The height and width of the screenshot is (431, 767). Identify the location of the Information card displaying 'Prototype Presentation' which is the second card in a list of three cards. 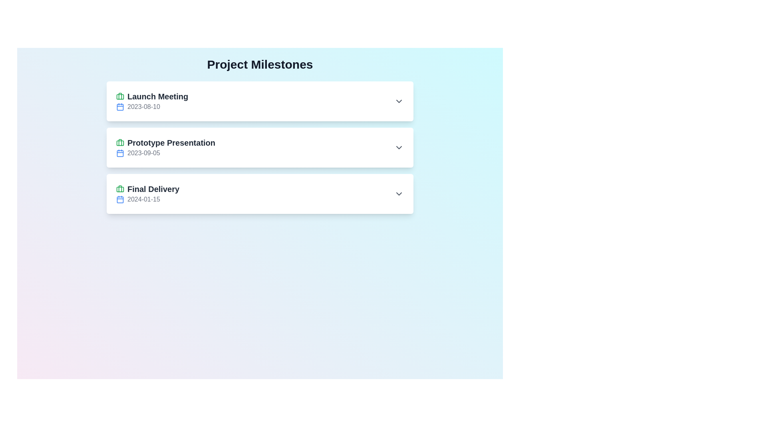
(260, 148).